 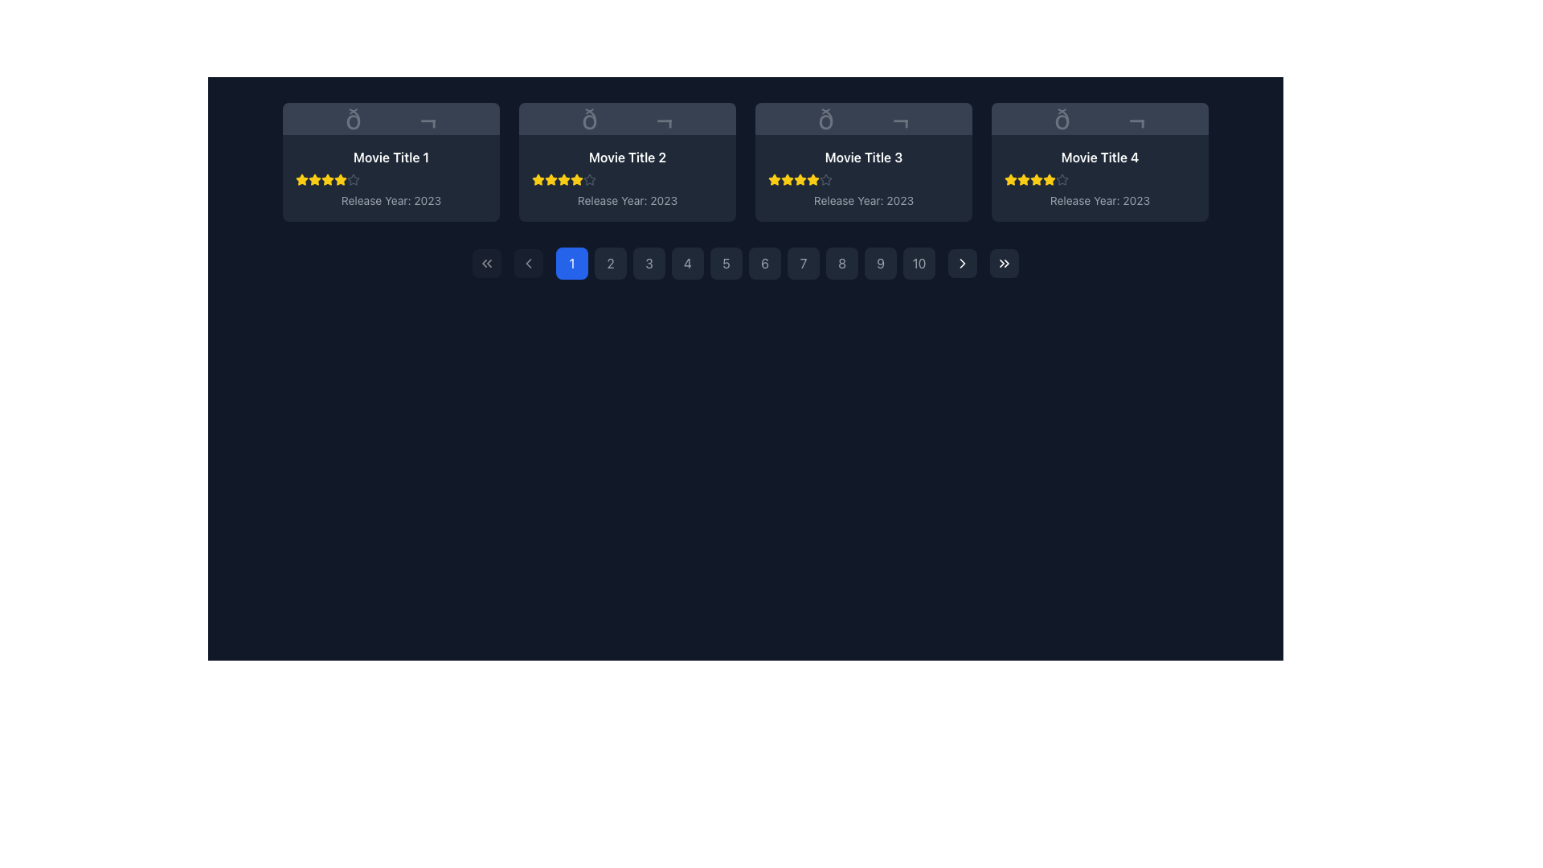 What do you see at coordinates (485, 262) in the screenshot?
I see `the 'go to first page' button in the pagination controls` at bounding box center [485, 262].